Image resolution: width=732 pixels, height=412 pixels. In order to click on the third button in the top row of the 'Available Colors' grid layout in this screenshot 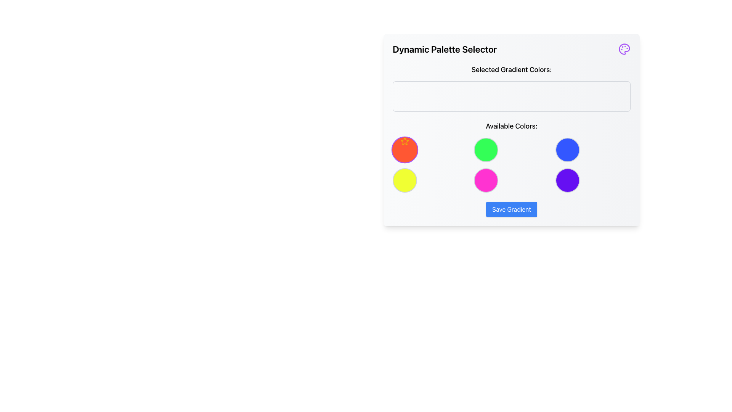, I will do `click(567, 150)`.